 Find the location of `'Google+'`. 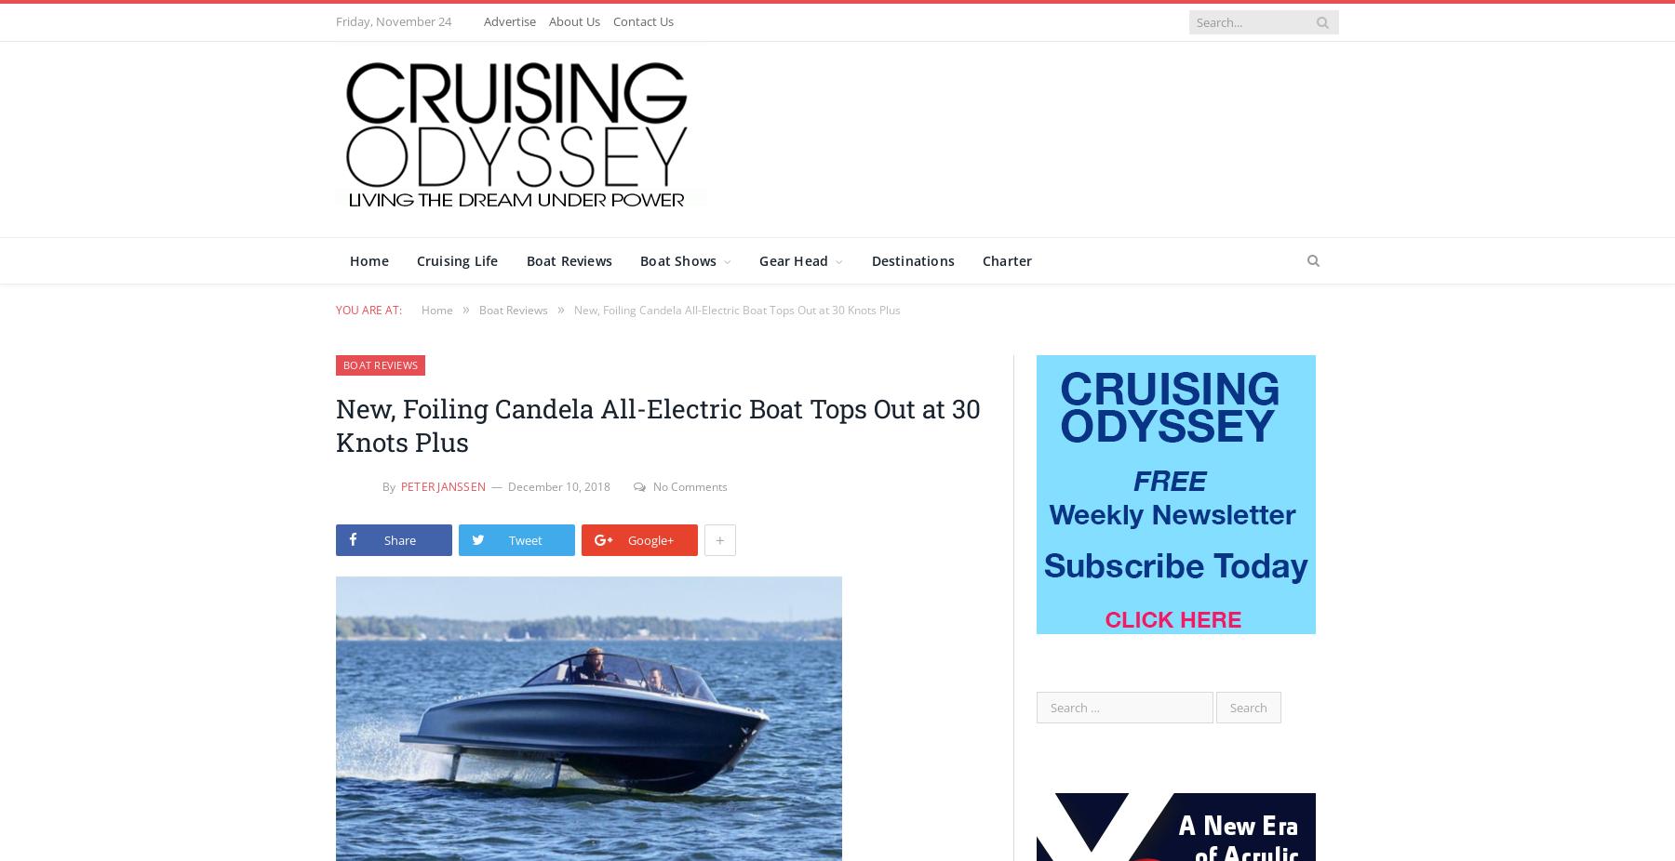

'Google+' is located at coordinates (649, 537).